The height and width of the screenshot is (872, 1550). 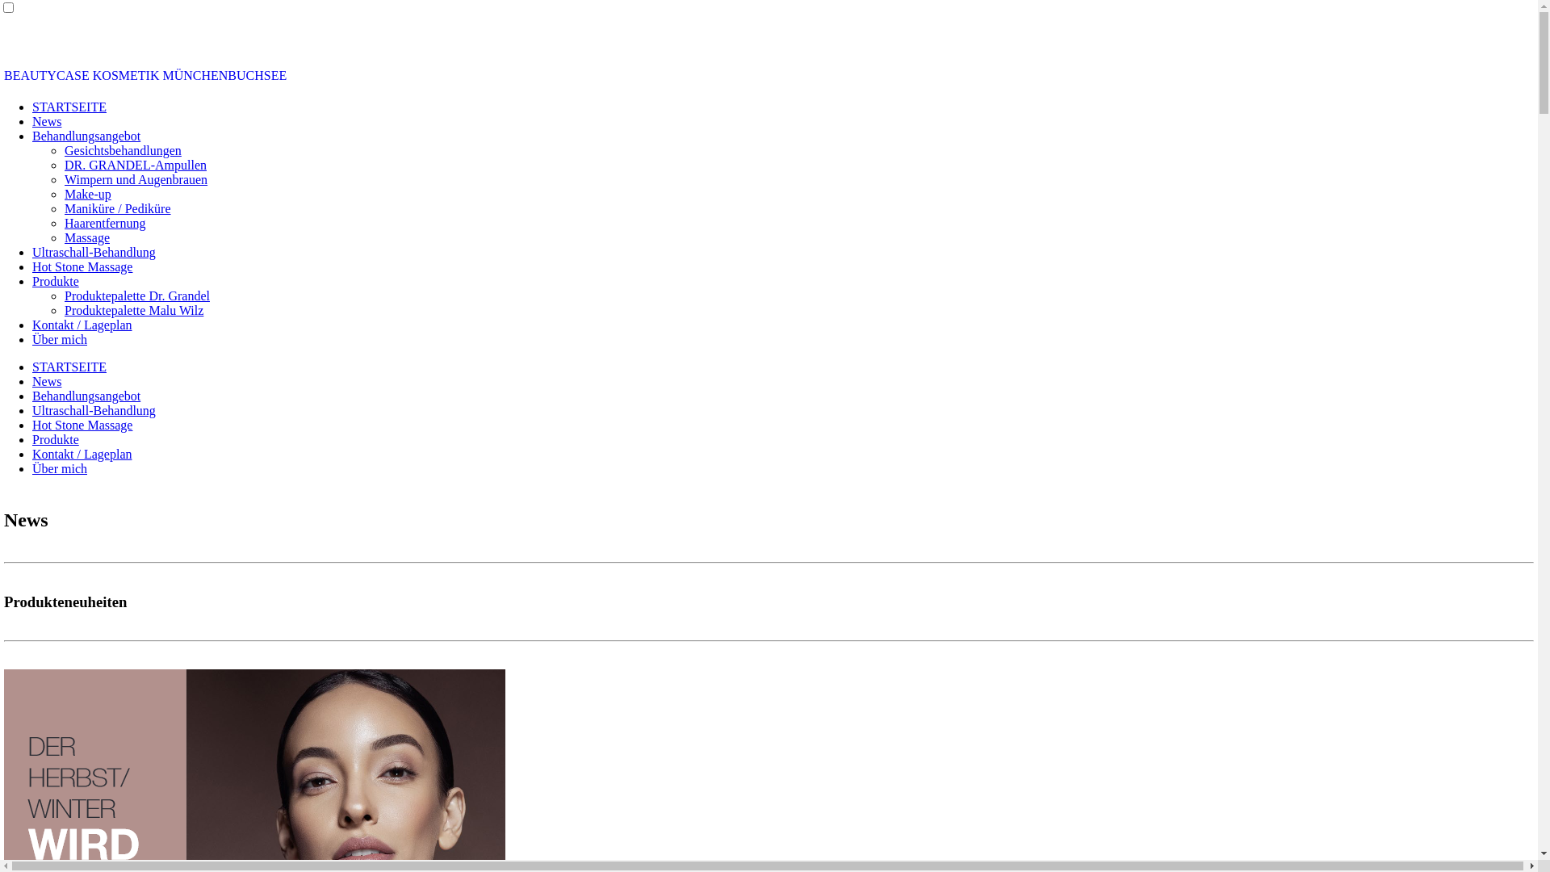 I want to click on 'News', so click(x=46, y=381).